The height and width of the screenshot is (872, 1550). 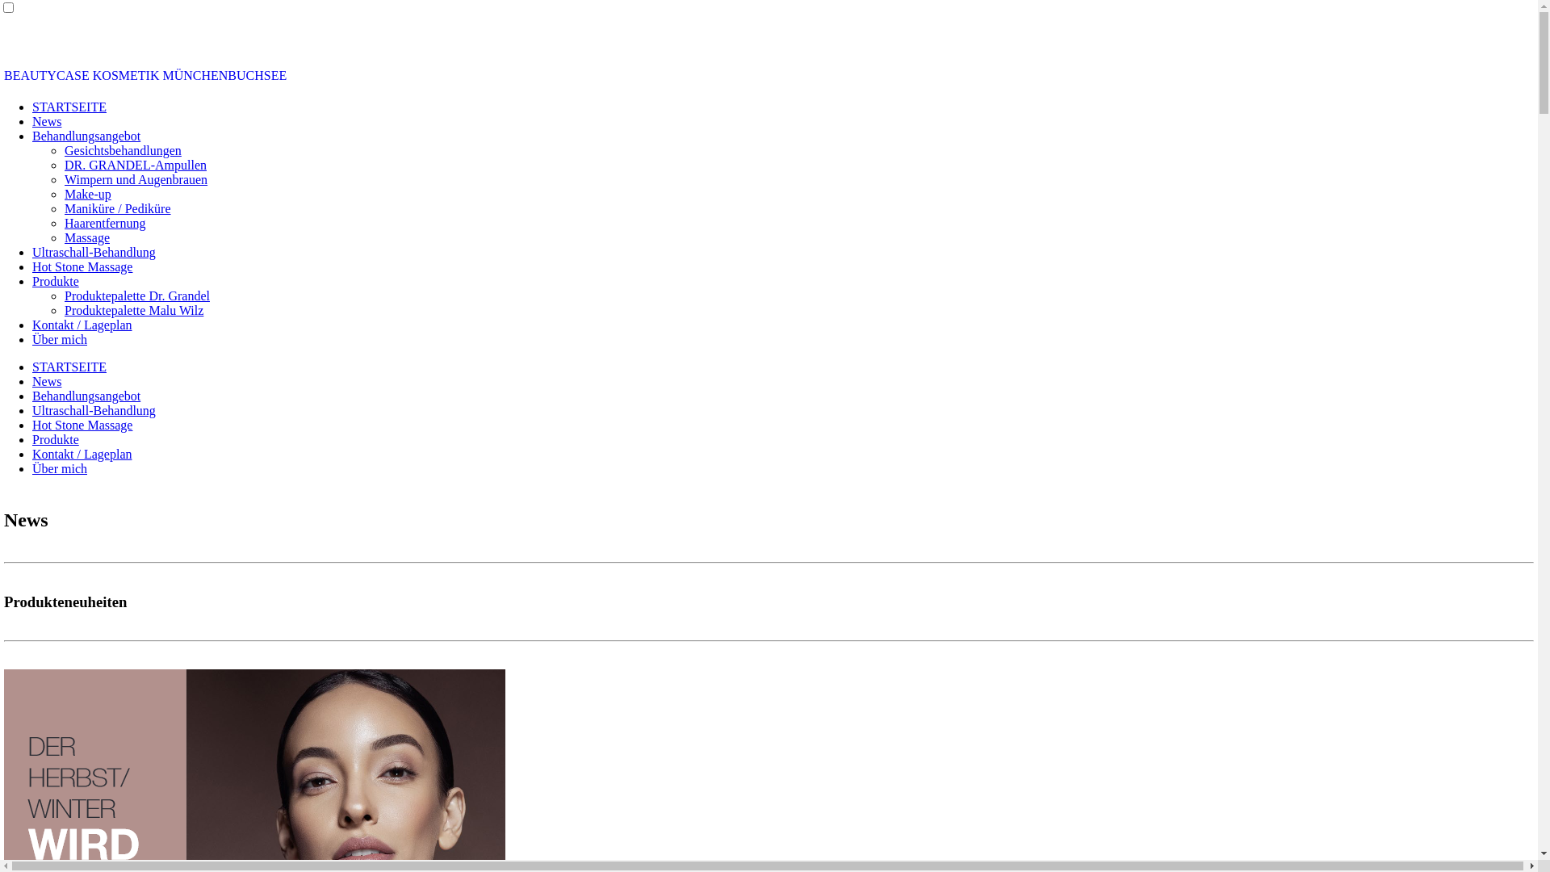 I want to click on 'News', so click(x=46, y=381).